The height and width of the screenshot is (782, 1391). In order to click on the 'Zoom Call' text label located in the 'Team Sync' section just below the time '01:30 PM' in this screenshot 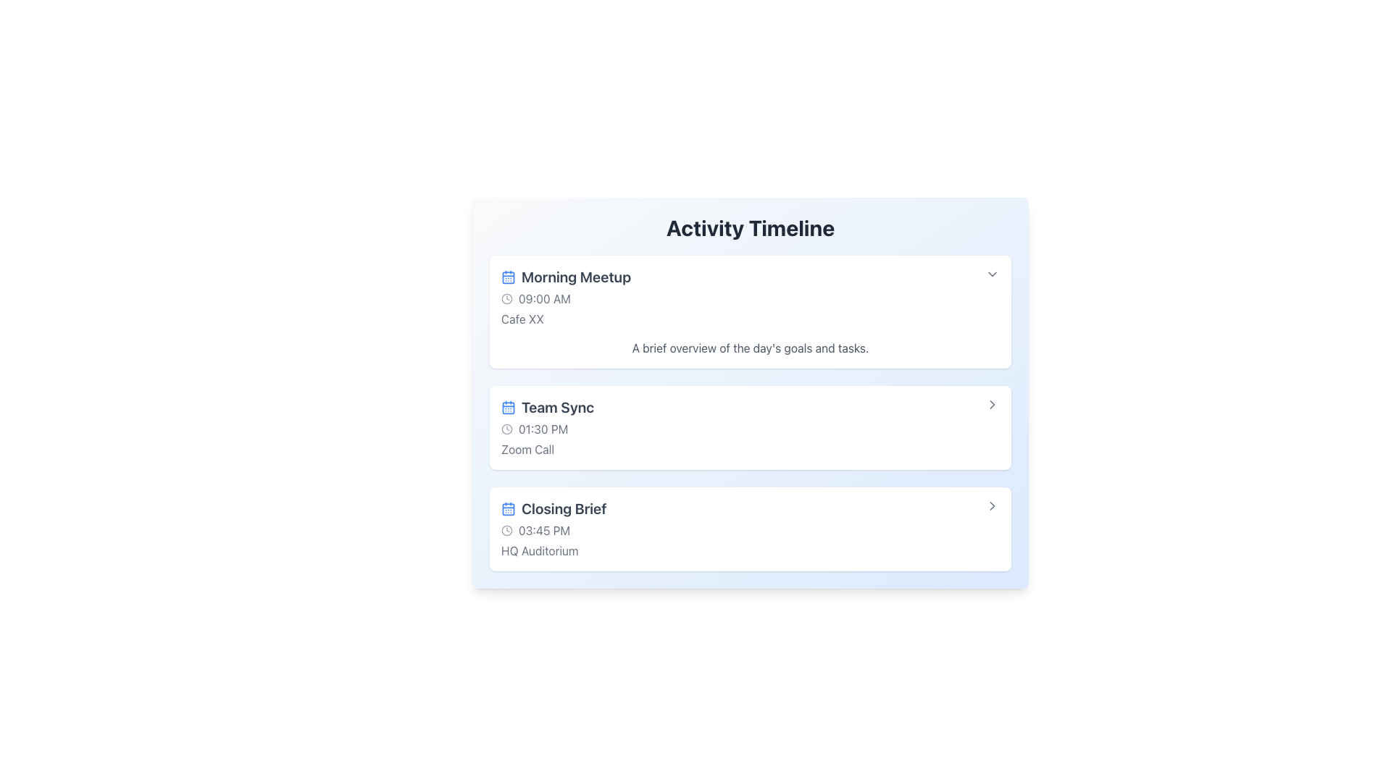, I will do `click(547, 449)`.